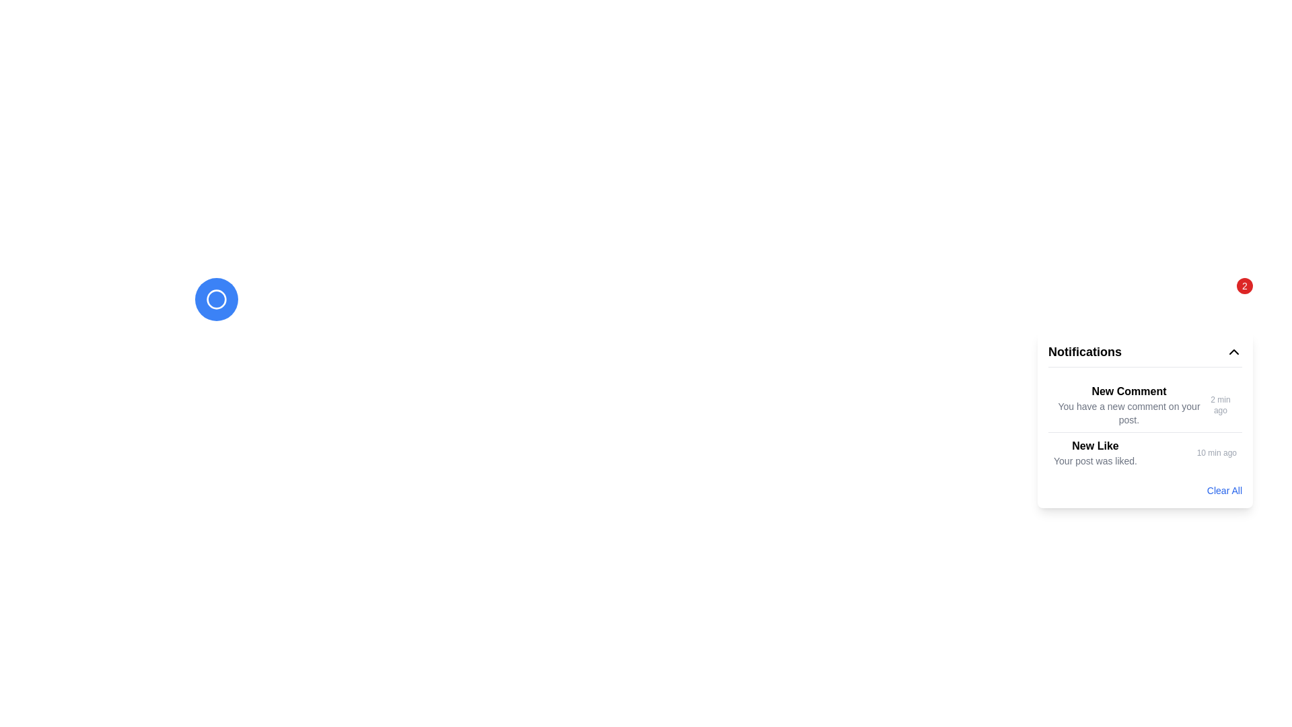  What do you see at coordinates (1244, 285) in the screenshot?
I see `the Notification Badge, which is a small red circular badge displaying the number '2' in white text, located at the top-right corner of the notification panel` at bounding box center [1244, 285].